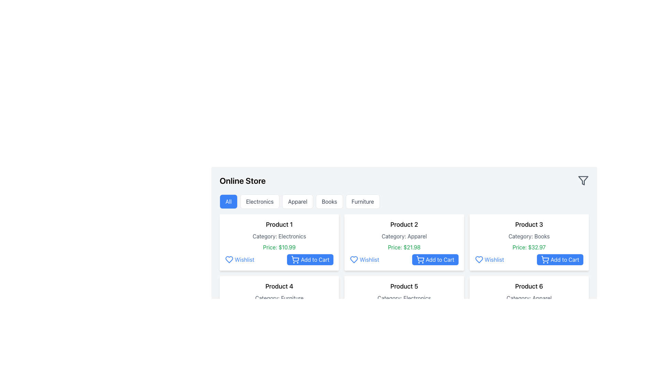  I want to click on the 'Electronics' button, which is the second button from the left in the row of category buttons at the top of the product listing section, so click(260, 201).